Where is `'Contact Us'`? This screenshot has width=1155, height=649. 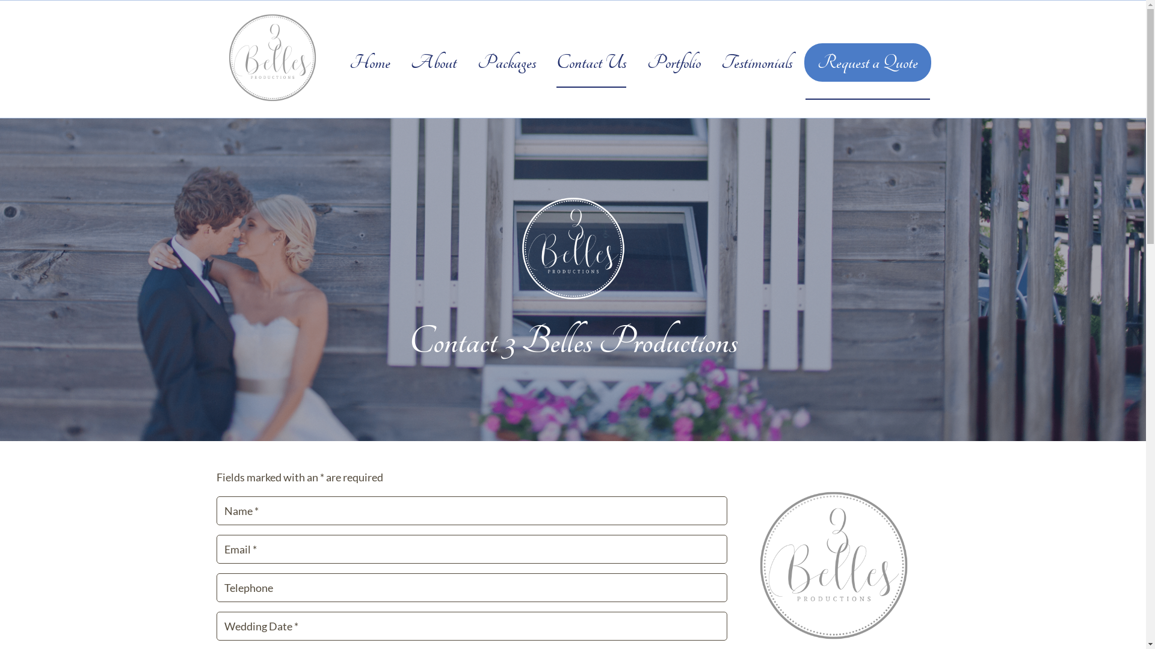
'Contact Us' is located at coordinates (556, 62).